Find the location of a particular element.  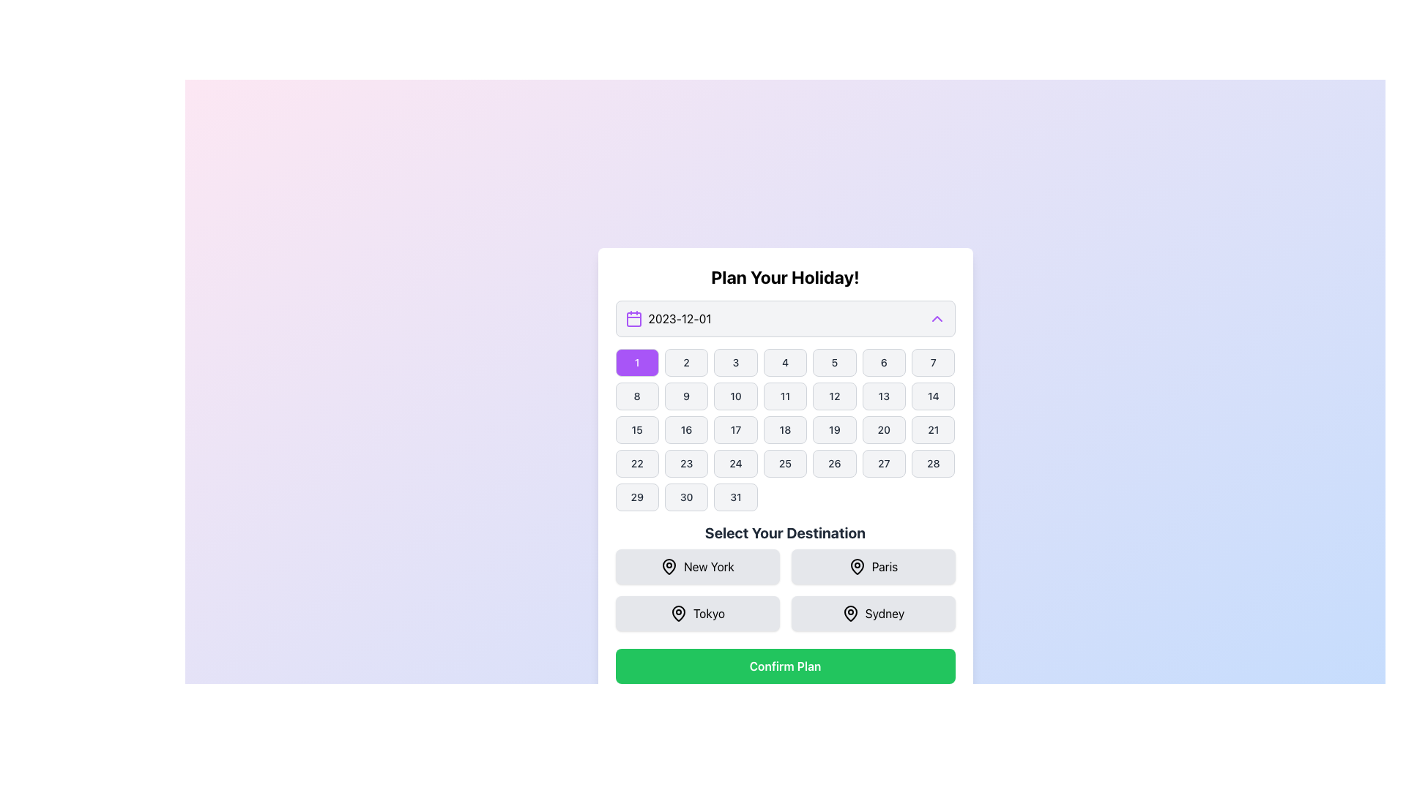

the rounded rectangular button labeled '21', which is located in the fourth row and the last column of the calendar grid is located at coordinates (932, 429).